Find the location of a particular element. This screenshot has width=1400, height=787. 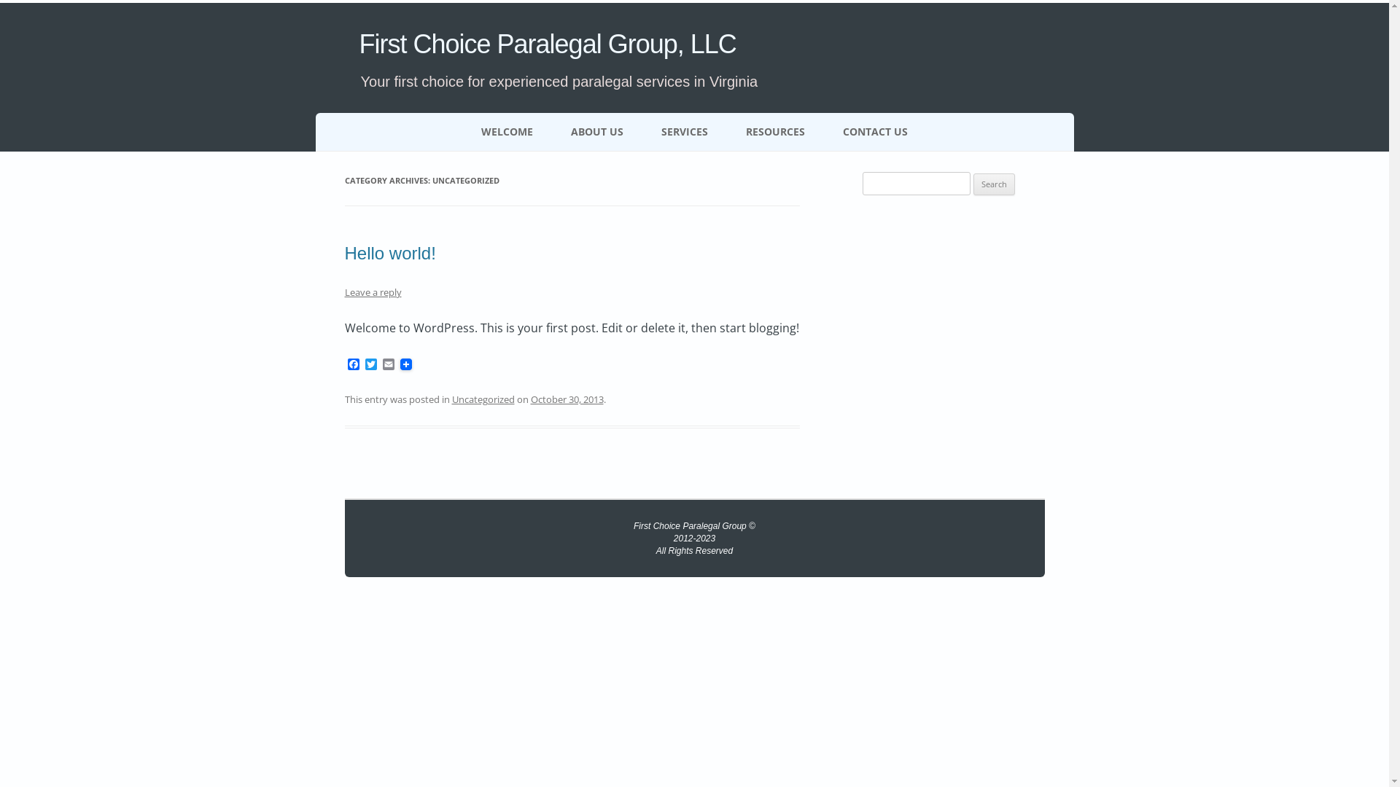

'Email' is located at coordinates (378, 364).